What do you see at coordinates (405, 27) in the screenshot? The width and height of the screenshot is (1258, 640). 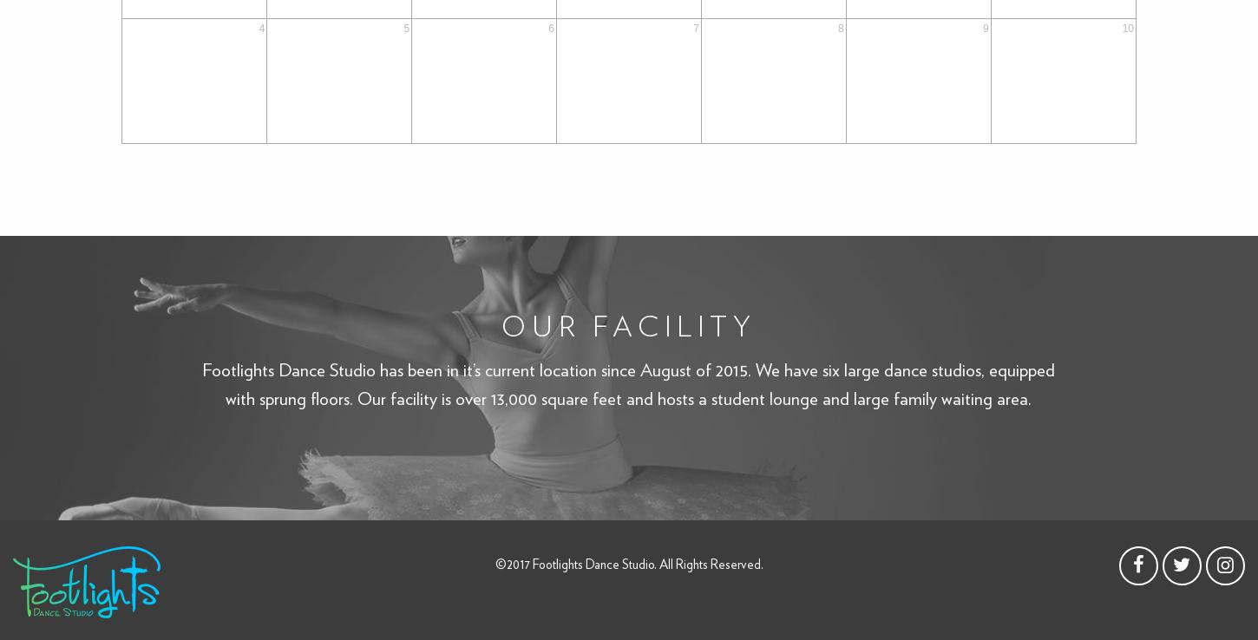 I see `'5'` at bounding box center [405, 27].